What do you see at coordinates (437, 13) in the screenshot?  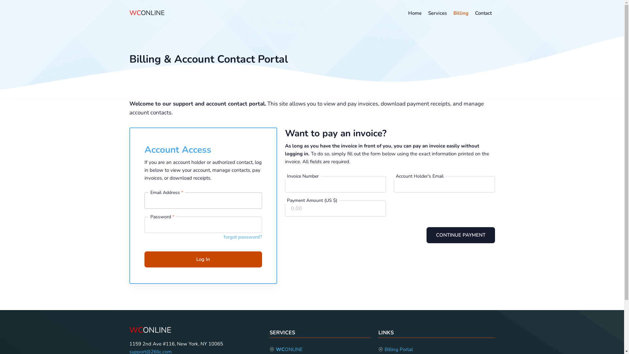 I see `'Services'` at bounding box center [437, 13].